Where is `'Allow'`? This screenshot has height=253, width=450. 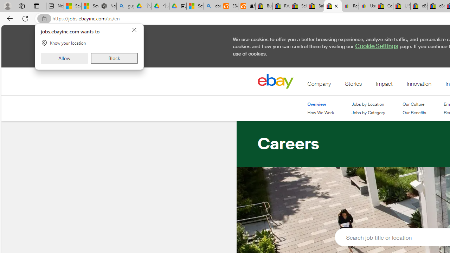 'Allow' is located at coordinates (64, 58).